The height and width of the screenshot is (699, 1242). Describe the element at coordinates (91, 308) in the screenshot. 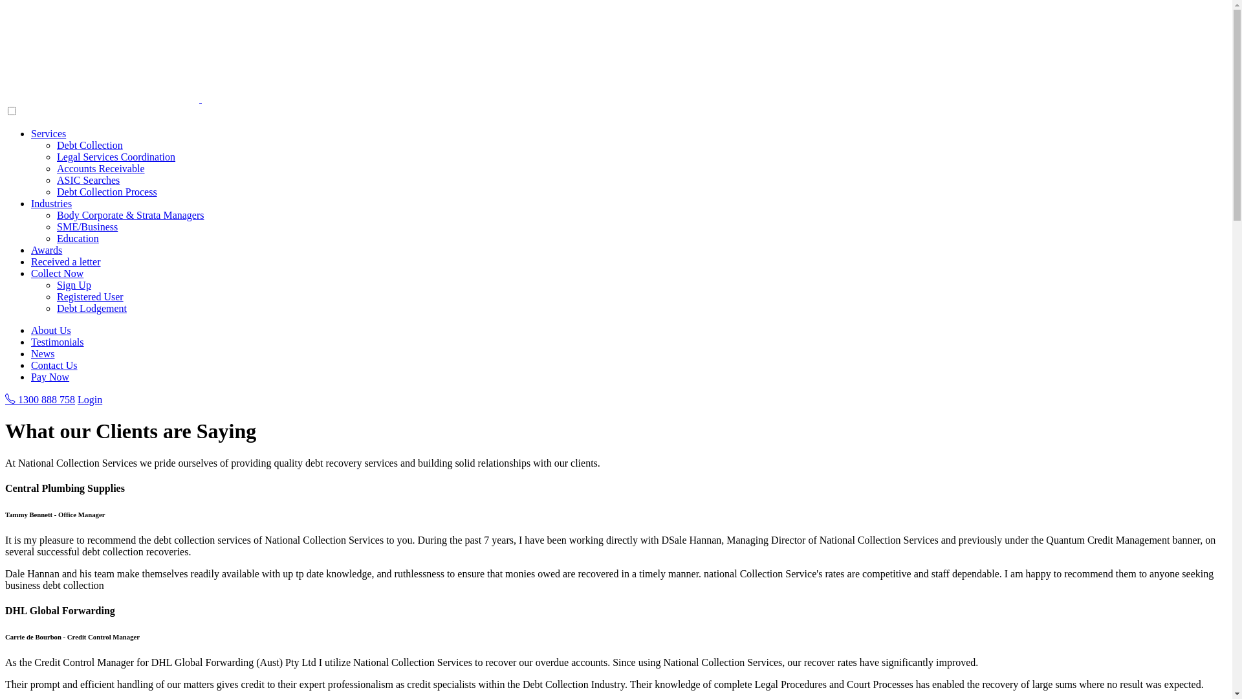

I see `'Debt Lodgement'` at that location.